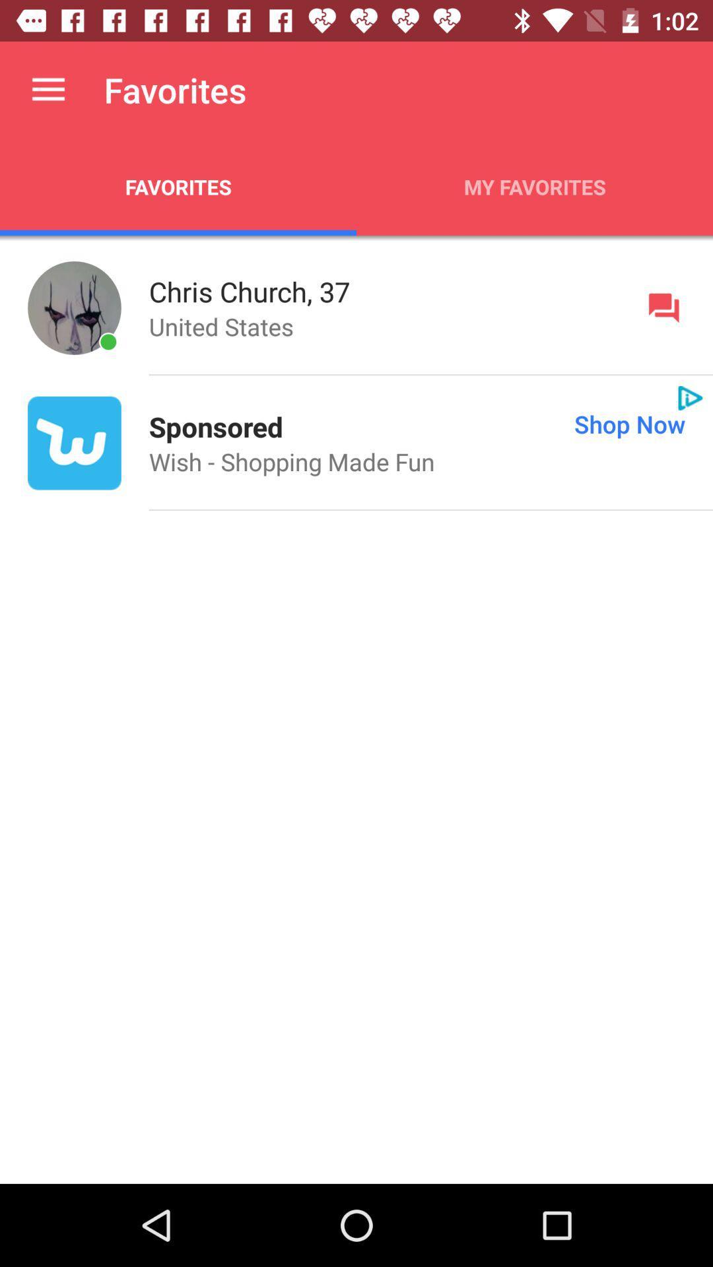 The image size is (713, 1267). What do you see at coordinates (48, 89) in the screenshot?
I see `app next to favorites icon` at bounding box center [48, 89].